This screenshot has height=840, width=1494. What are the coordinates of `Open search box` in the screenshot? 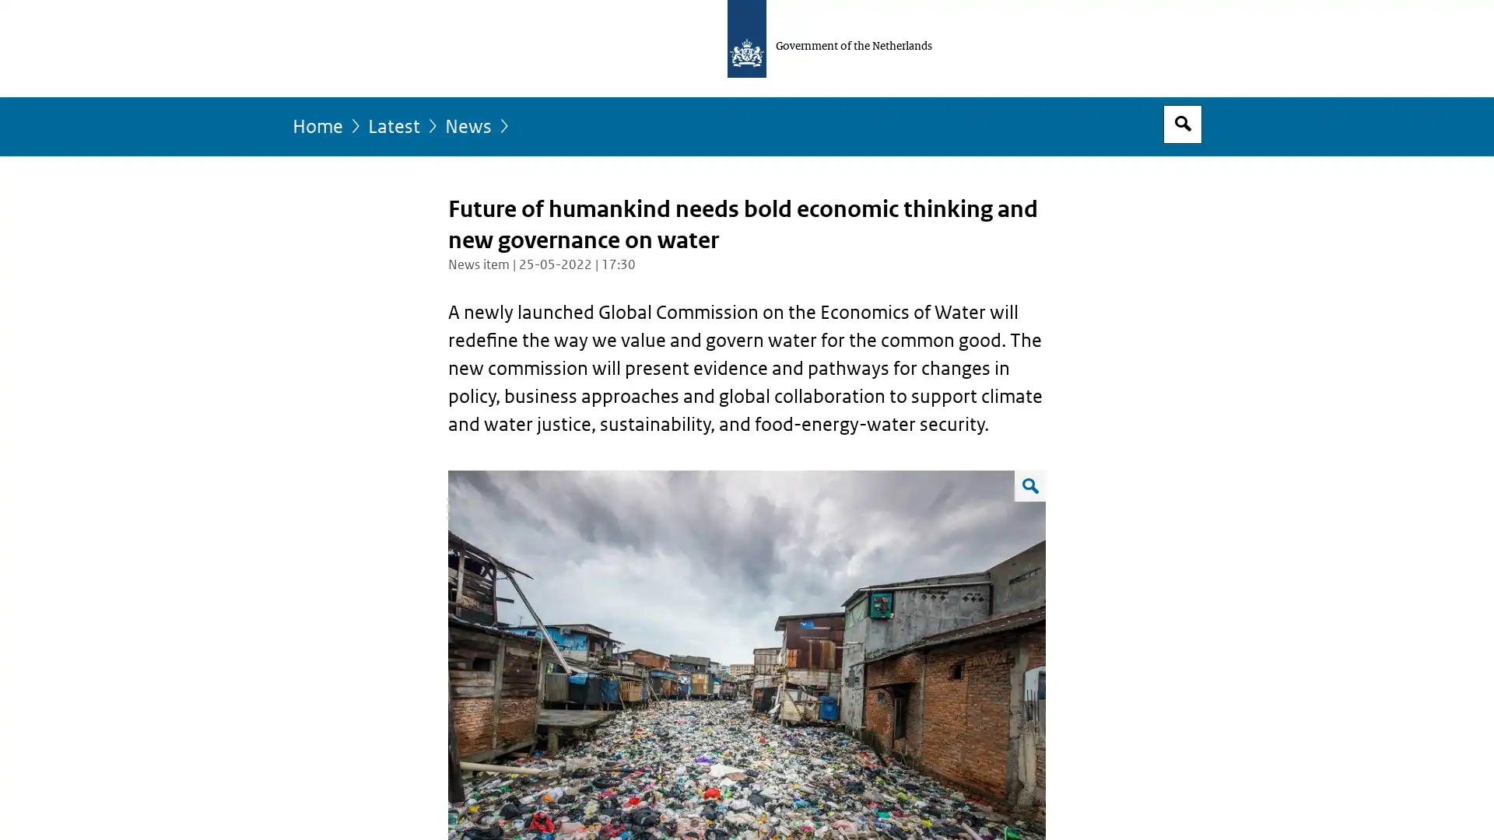 It's located at (1183, 123).